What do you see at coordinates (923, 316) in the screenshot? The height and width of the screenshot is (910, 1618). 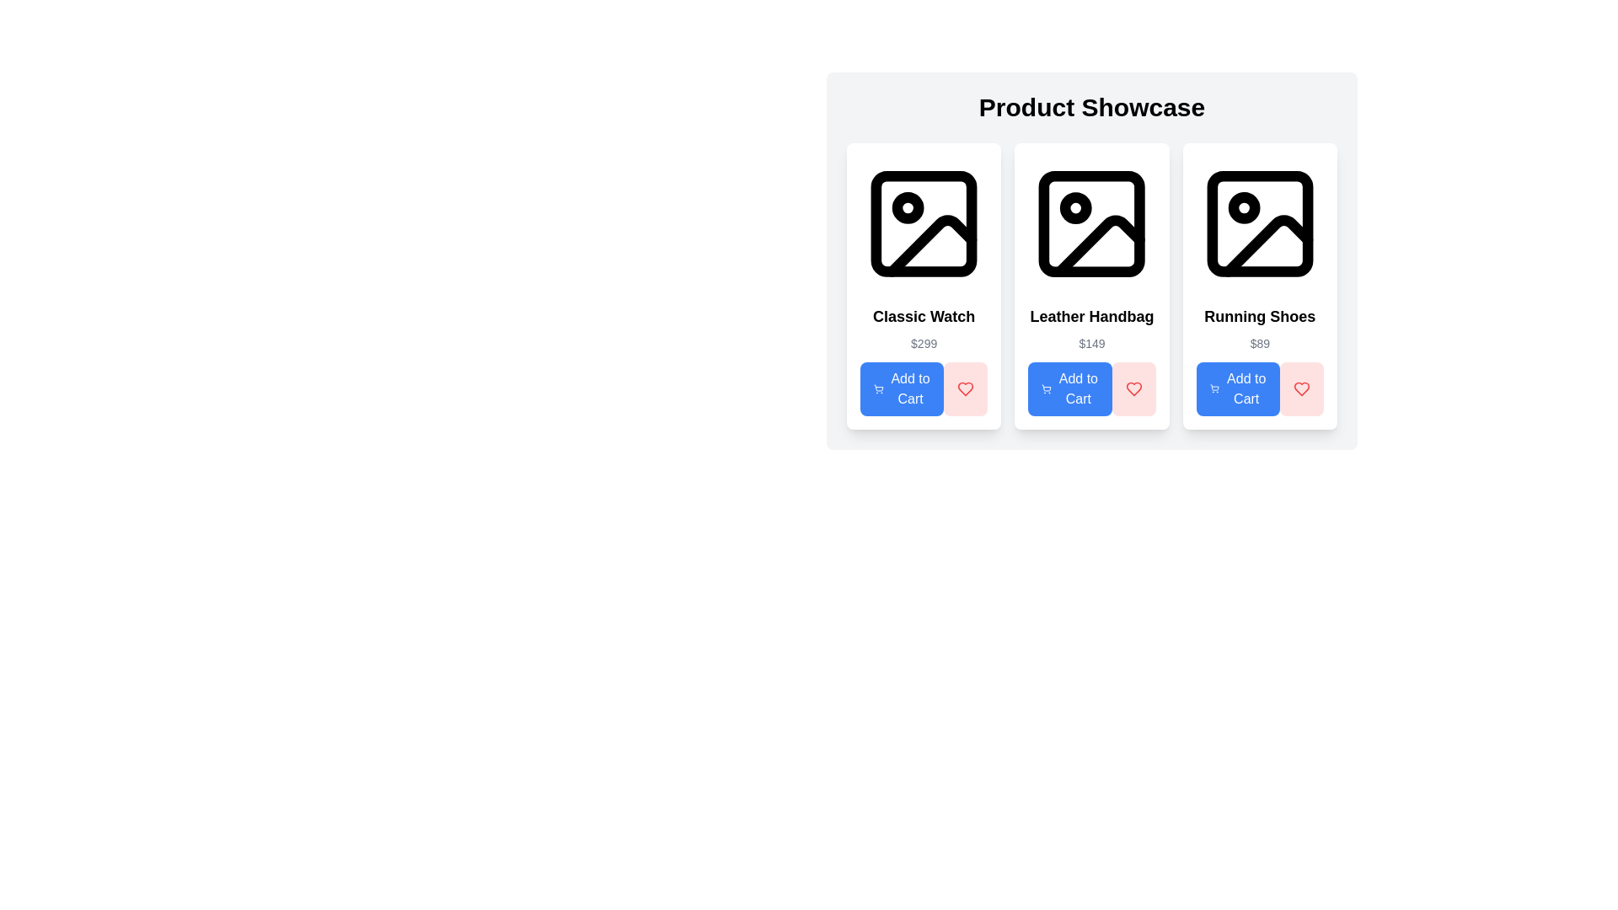 I see `the product name label displayed in the top-middle portion of the product card, which serves as a clear identifier for the showcased product` at bounding box center [923, 316].